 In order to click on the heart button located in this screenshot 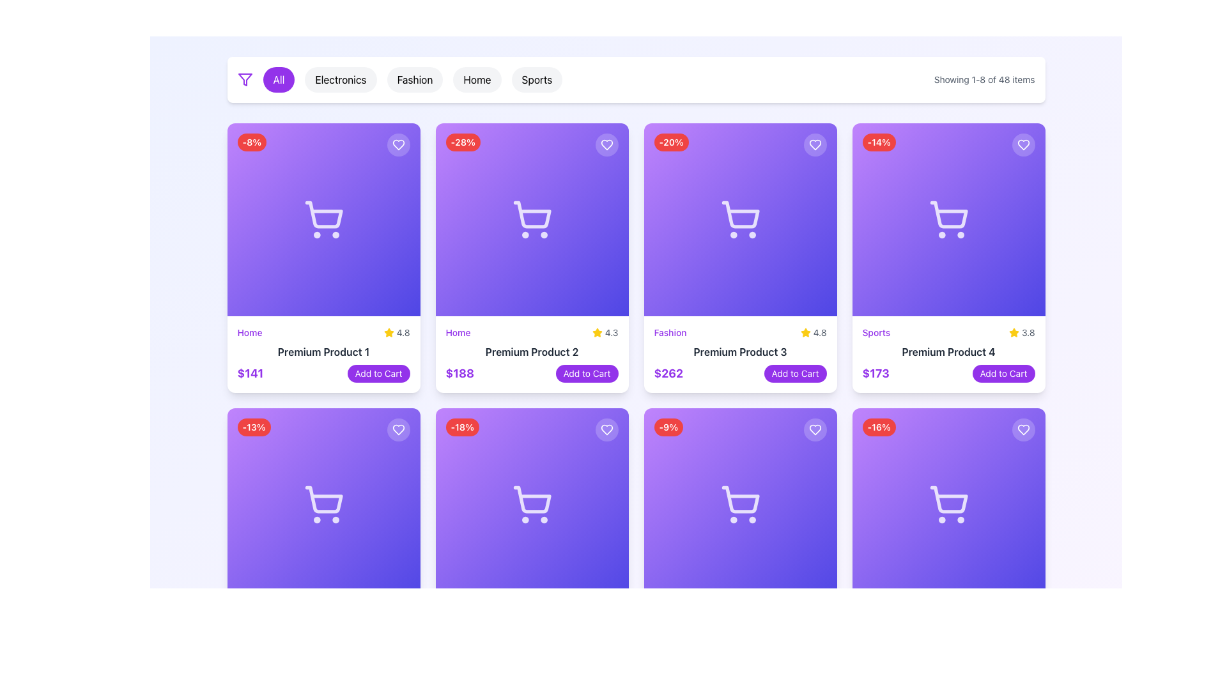, I will do `click(606, 144)`.